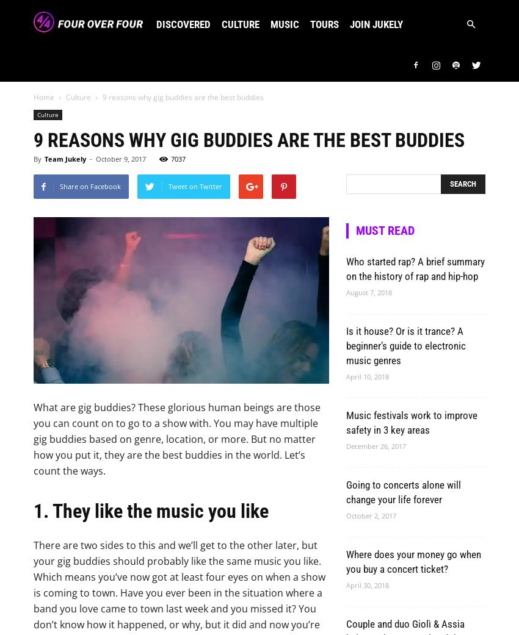 Image resolution: width=519 pixels, height=635 pixels. Describe the element at coordinates (346, 292) in the screenshot. I see `'August 7, 2018'` at that location.